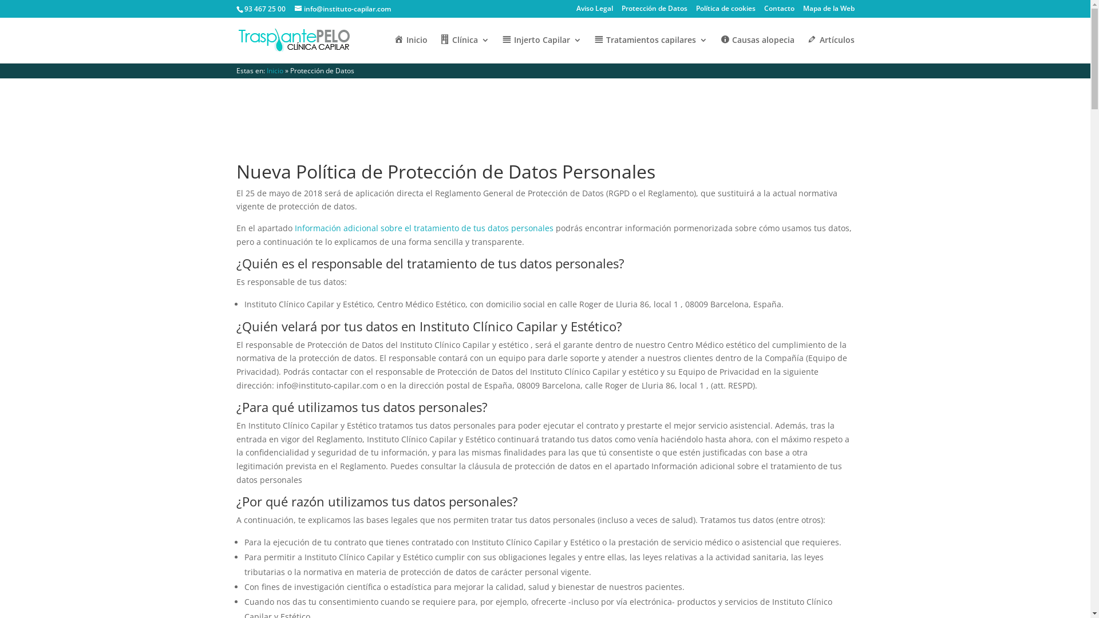 The width and height of the screenshot is (1099, 618). Describe the element at coordinates (651, 49) in the screenshot. I see `'Tratamientos capilares'` at that location.